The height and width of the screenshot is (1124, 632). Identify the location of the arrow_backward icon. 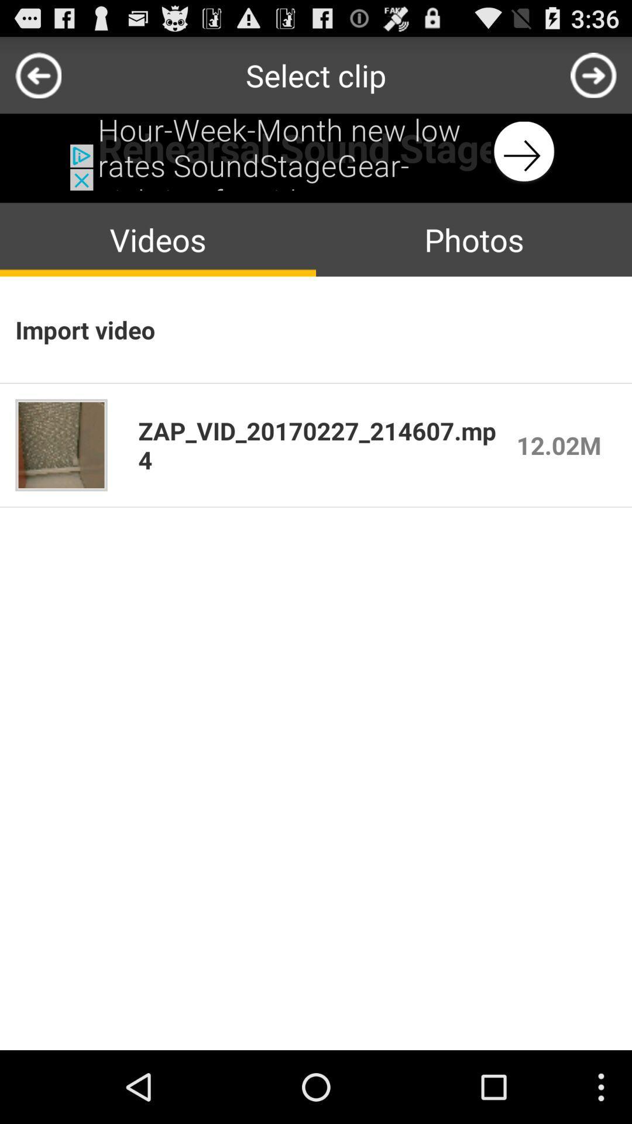
(37, 80).